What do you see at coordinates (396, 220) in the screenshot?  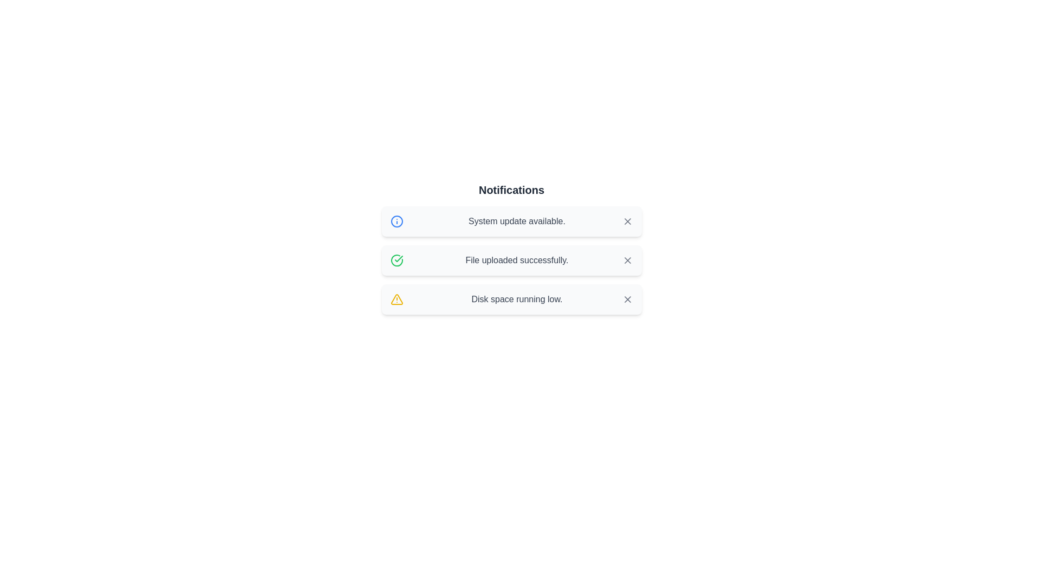 I see `the circular shape with a blue outline, which is part of the information icon located to the left of the 'System update available' notification text` at bounding box center [396, 220].